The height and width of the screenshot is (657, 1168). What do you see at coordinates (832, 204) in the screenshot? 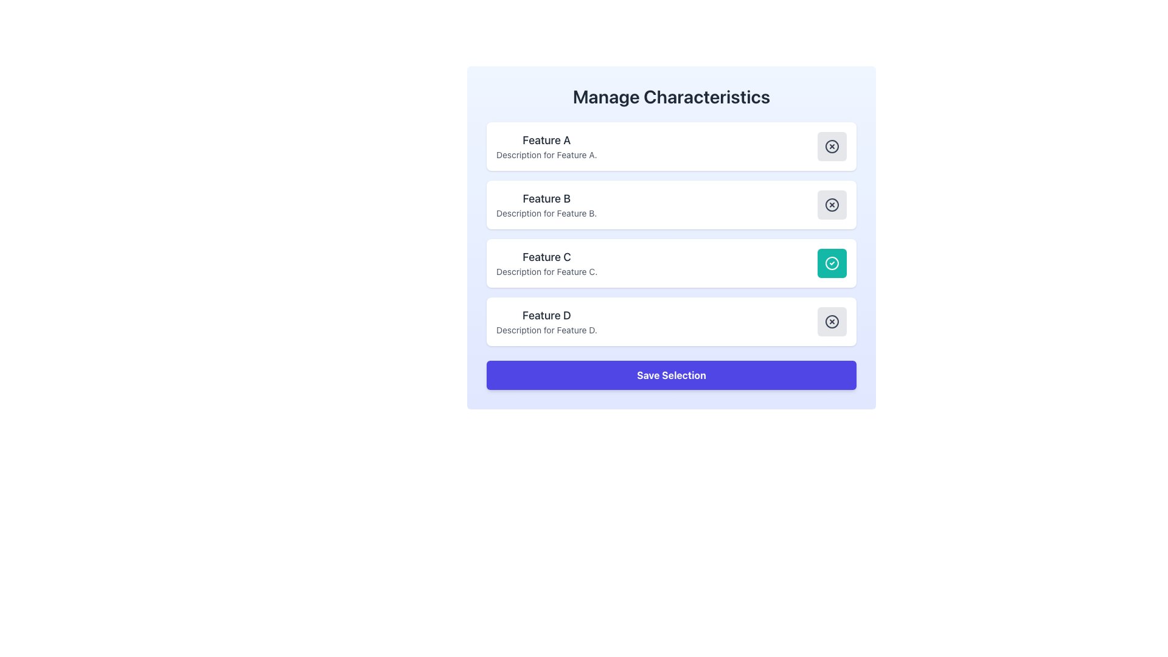
I see `the circular 'X' button outlined in black, located to the right of 'Feature B' in the second row` at bounding box center [832, 204].